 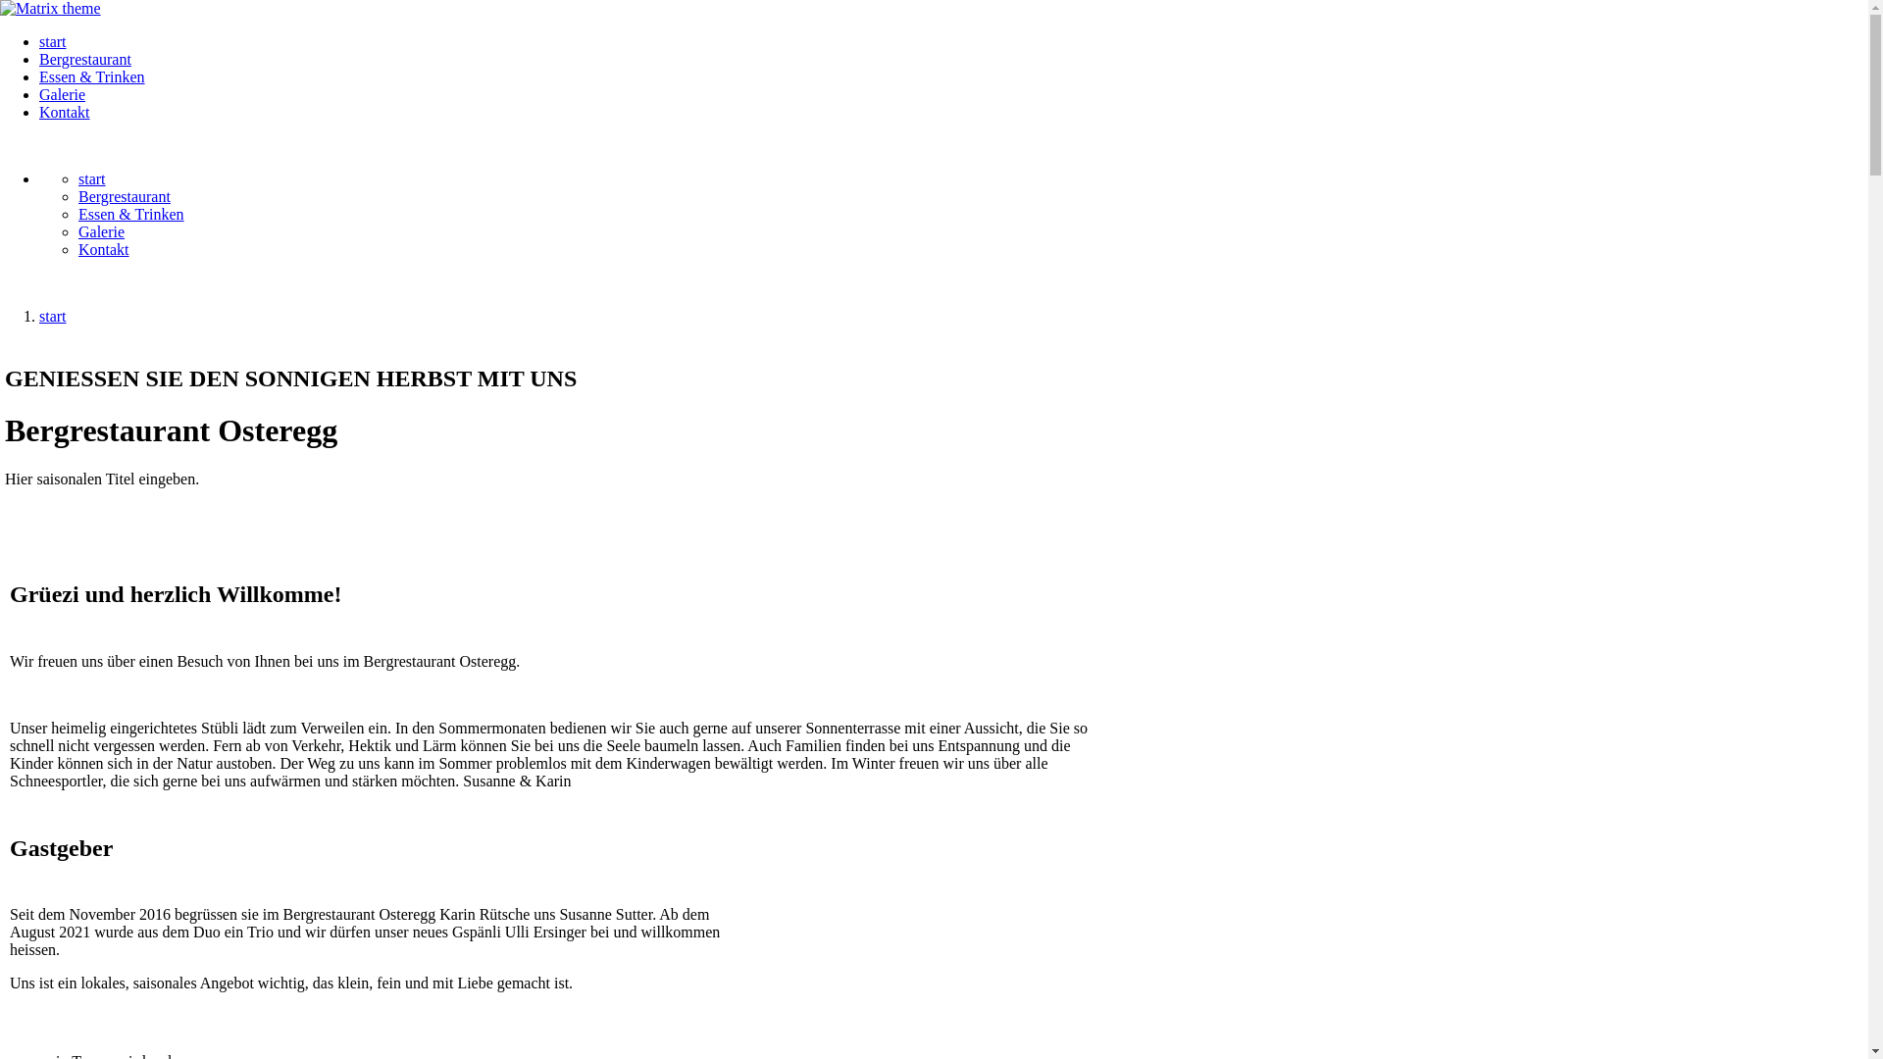 I want to click on 'Galerie', so click(x=62, y=94).